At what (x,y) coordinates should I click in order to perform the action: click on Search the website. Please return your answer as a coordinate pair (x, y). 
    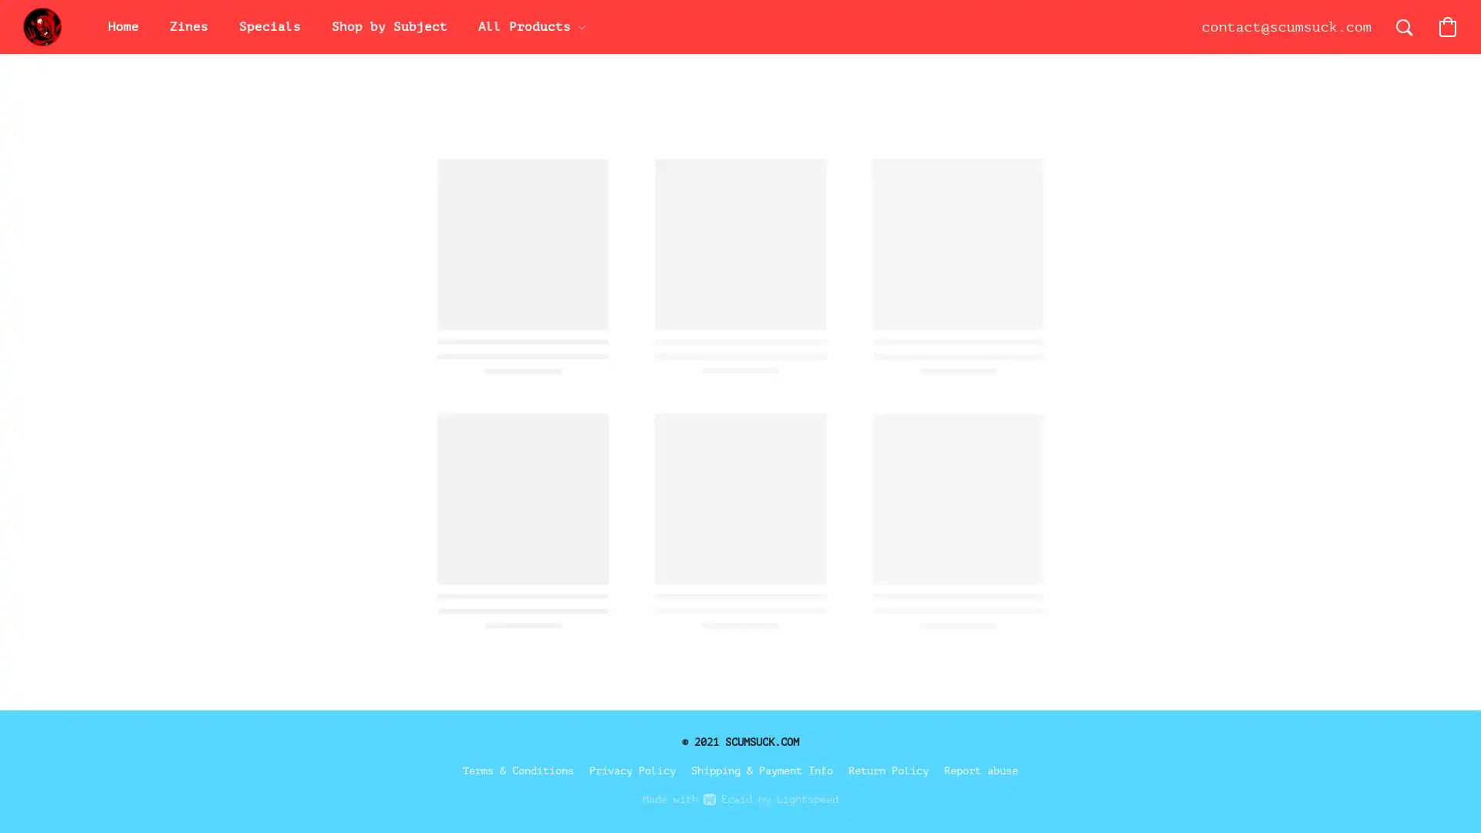
    Looking at the image, I should click on (1404, 26).